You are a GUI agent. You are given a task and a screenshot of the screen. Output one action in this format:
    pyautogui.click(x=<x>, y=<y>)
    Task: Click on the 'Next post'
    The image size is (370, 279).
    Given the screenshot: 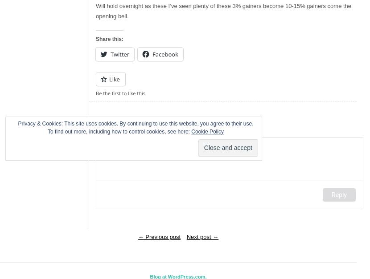 What is the action you would take?
    pyautogui.click(x=199, y=236)
    